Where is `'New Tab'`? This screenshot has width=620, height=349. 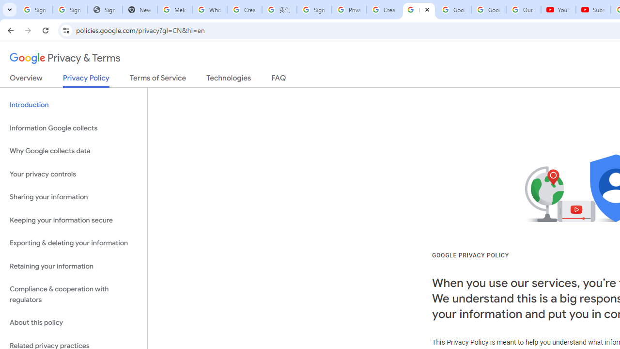
'New Tab' is located at coordinates (139, 10).